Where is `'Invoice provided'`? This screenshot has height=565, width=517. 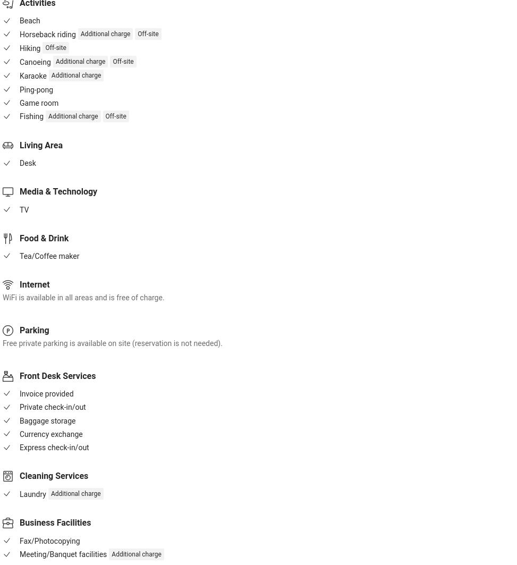
'Invoice provided' is located at coordinates (46, 393).